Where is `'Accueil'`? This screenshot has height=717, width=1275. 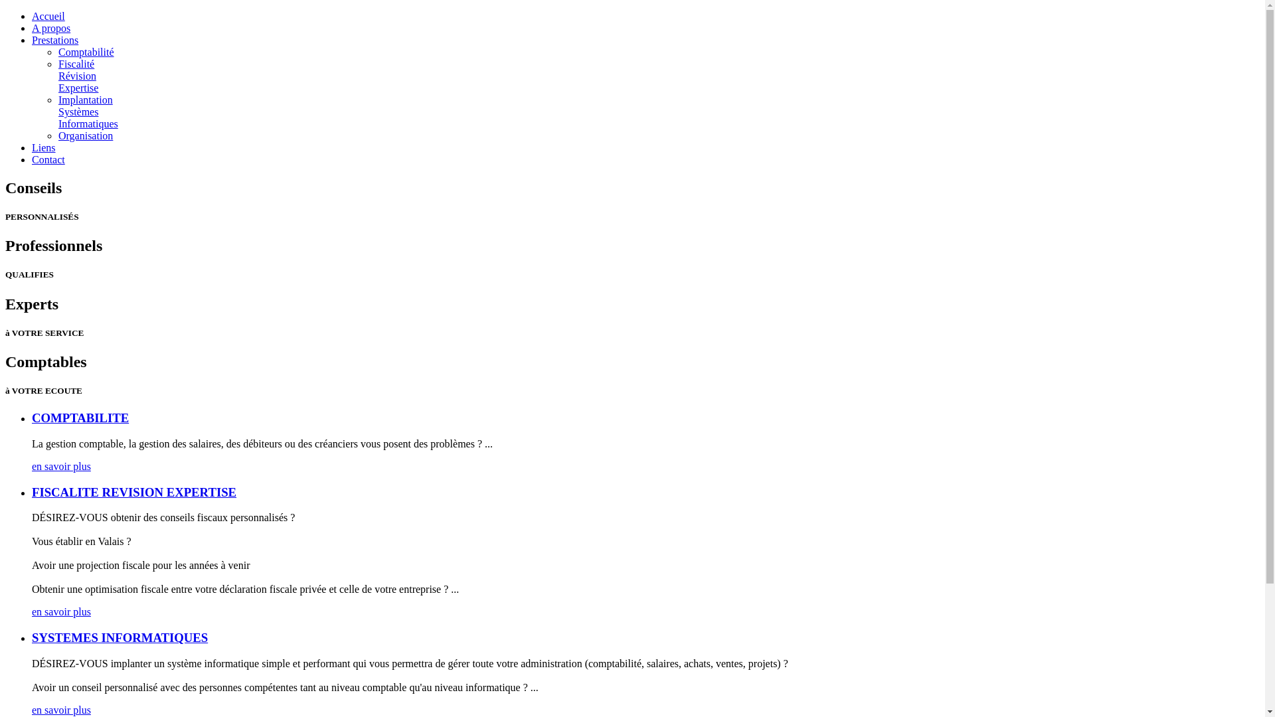 'Accueil' is located at coordinates (48, 16).